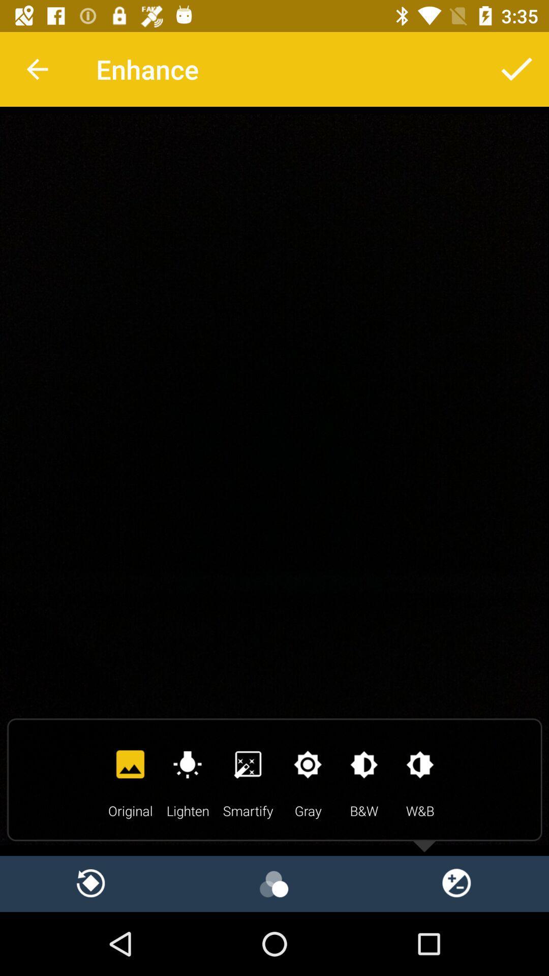  Describe the element at coordinates (274, 883) in the screenshot. I see `filter option` at that location.